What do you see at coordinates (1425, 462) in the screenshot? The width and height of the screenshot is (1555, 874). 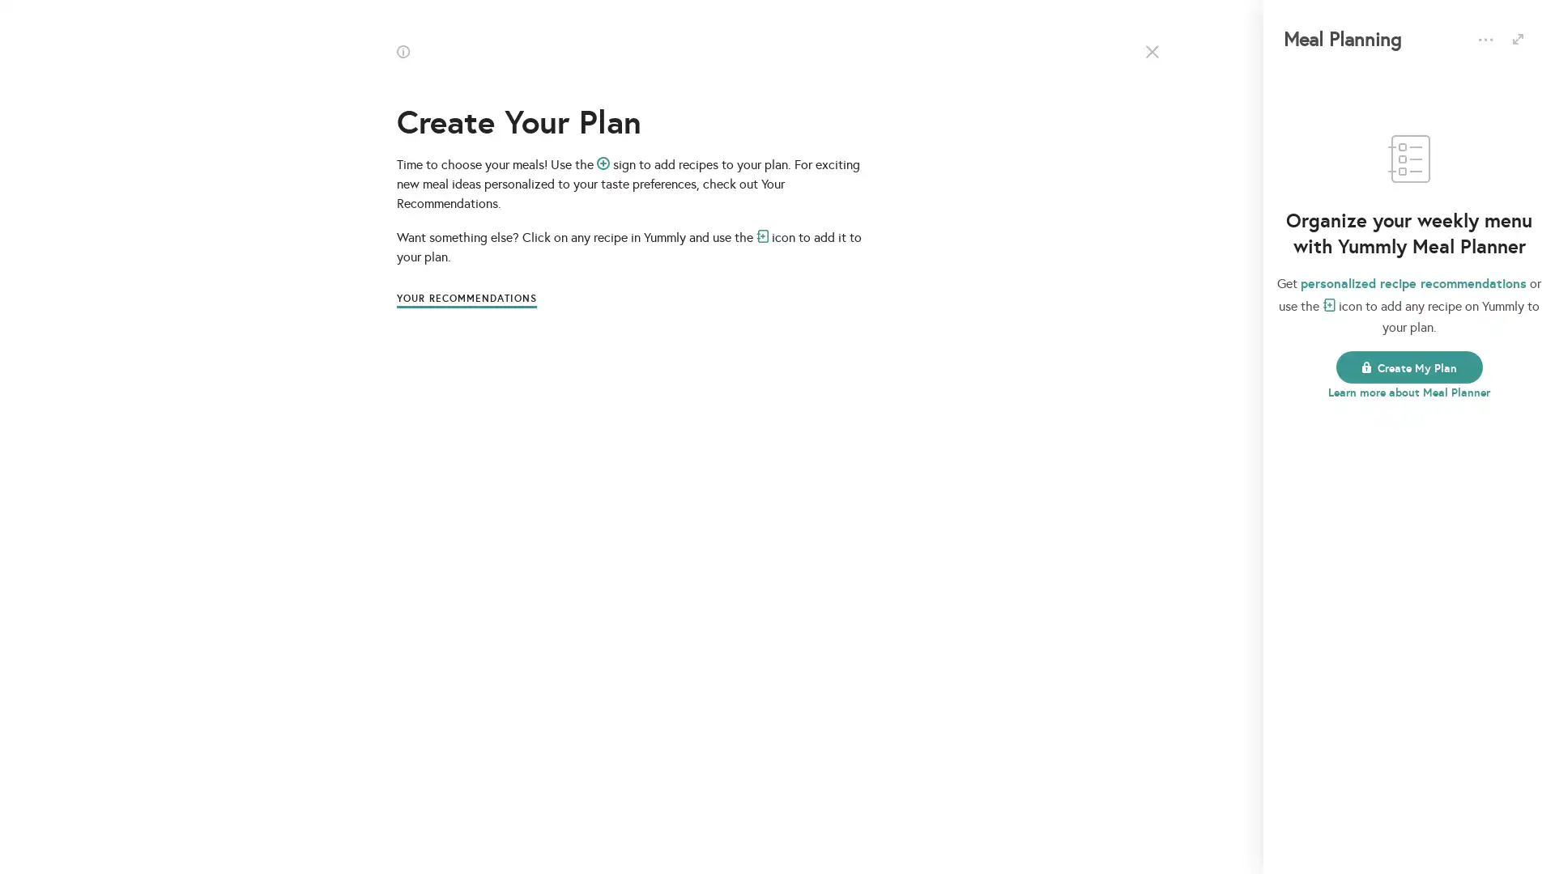 I see `Soy-Free` at bounding box center [1425, 462].